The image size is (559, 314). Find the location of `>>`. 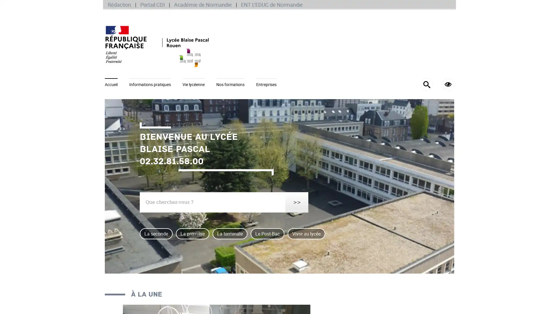

>> is located at coordinates (296, 202).